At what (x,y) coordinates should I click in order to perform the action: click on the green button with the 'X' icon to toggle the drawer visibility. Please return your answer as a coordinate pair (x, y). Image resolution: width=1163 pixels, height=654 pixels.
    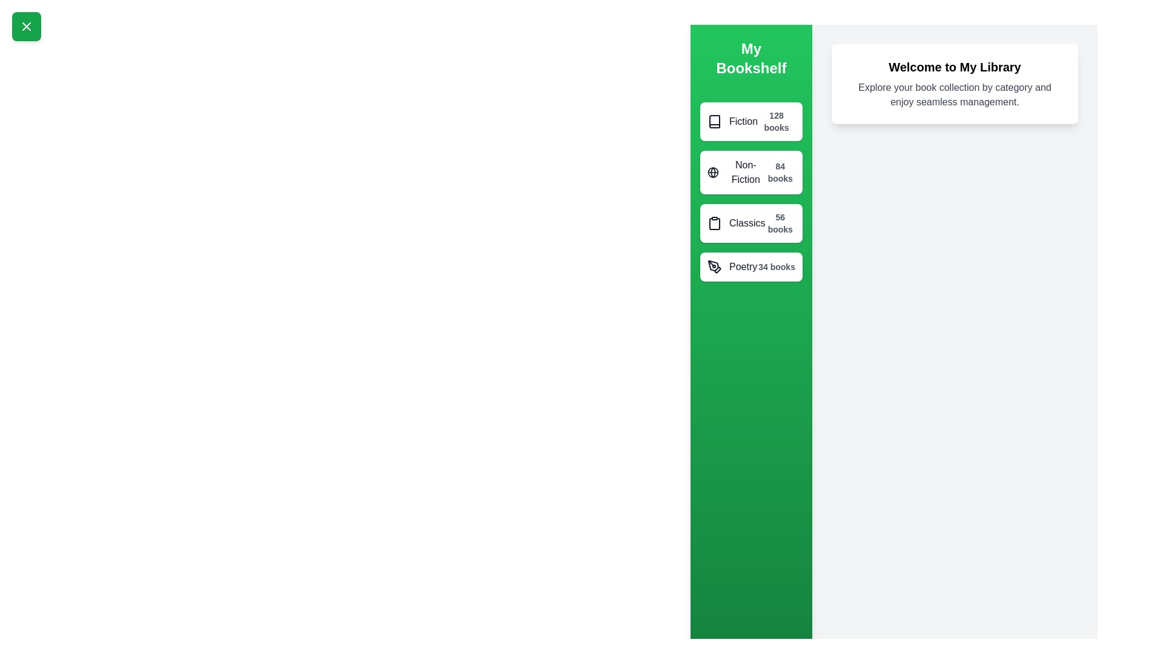
    Looking at the image, I should click on (26, 26).